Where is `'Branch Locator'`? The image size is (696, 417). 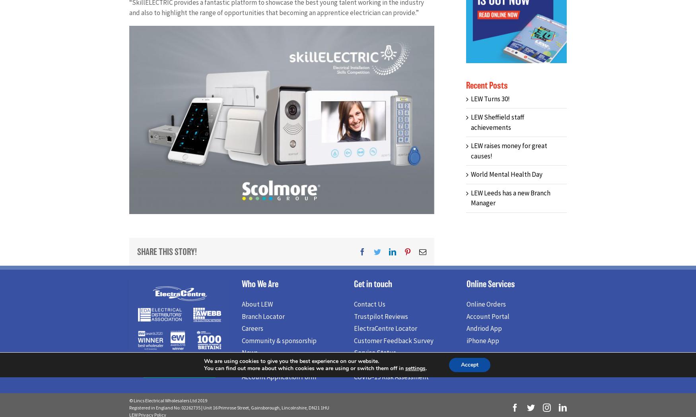 'Branch Locator' is located at coordinates (241, 318).